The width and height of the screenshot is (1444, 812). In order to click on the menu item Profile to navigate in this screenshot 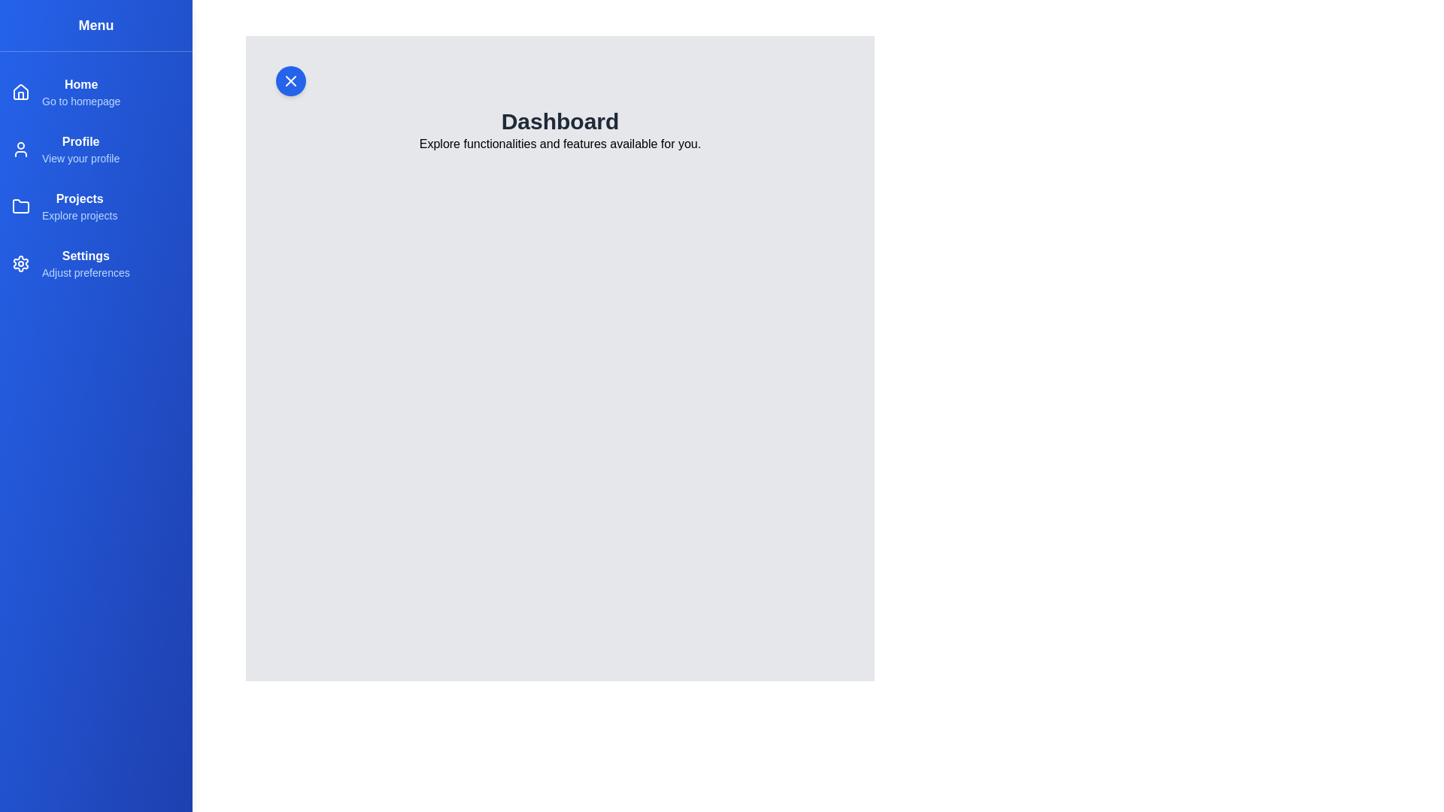, I will do `click(80, 141)`.